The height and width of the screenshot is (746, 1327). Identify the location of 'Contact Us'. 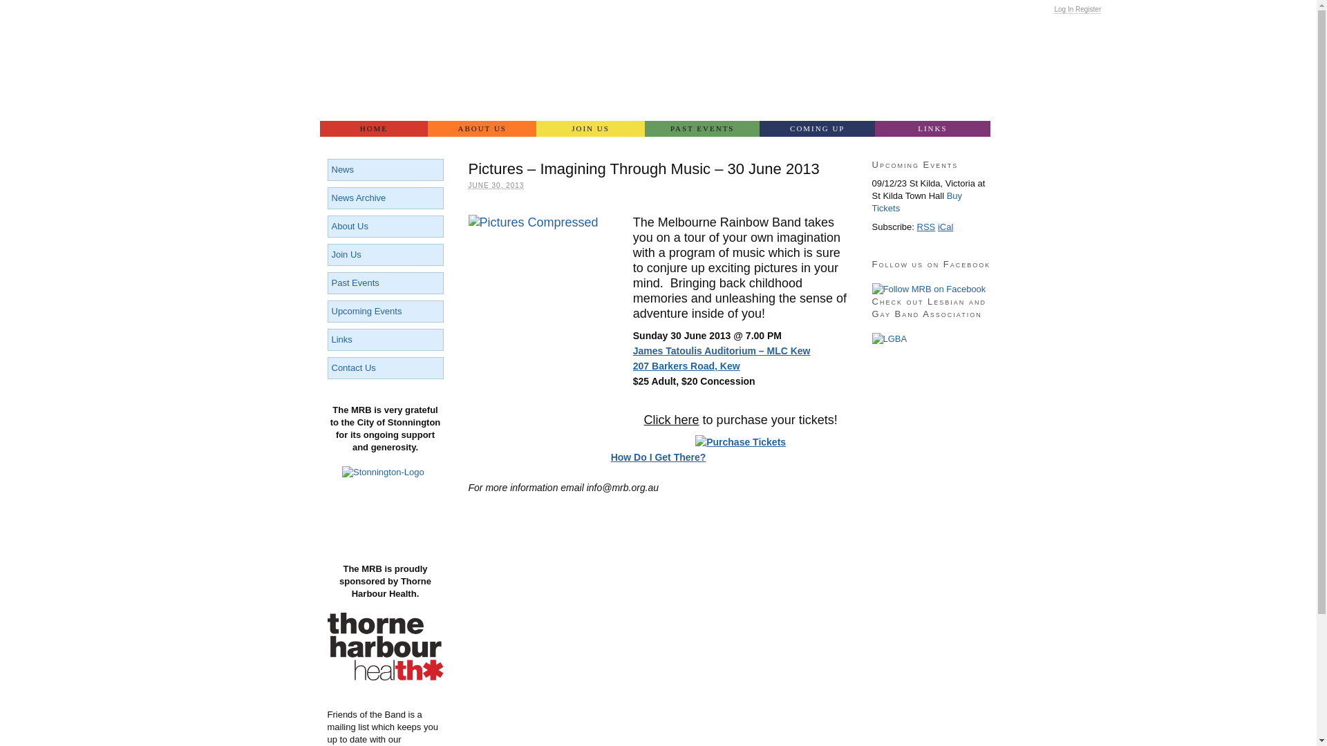
(354, 367).